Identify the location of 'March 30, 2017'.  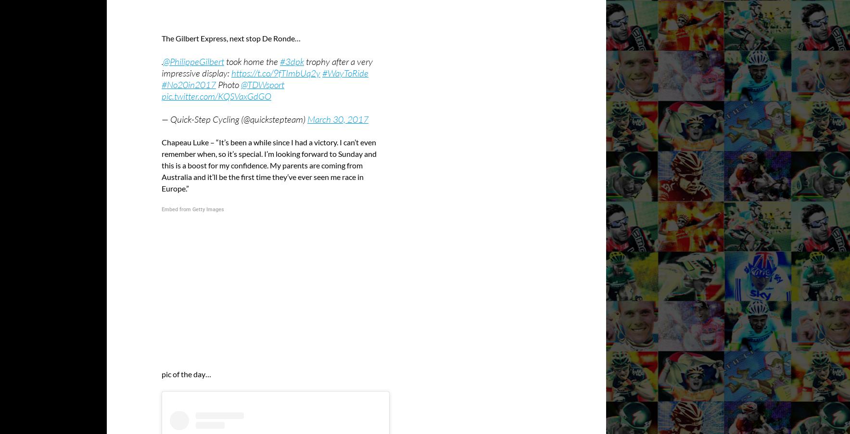
(306, 118).